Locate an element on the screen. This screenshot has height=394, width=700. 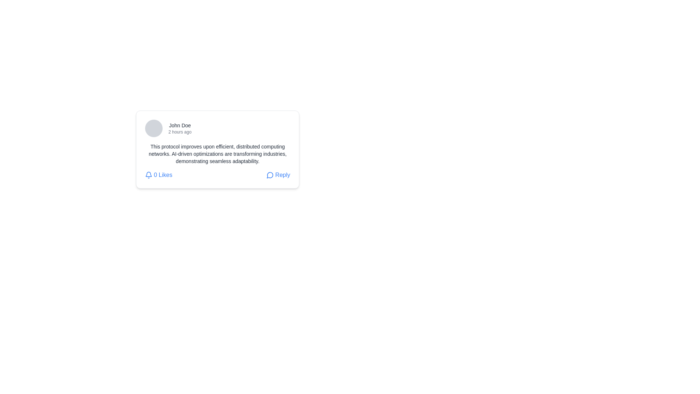
the text label that shows the author's identification details and the timestamp for the comment, located in the upper-left section of the comment card is located at coordinates (180, 128).